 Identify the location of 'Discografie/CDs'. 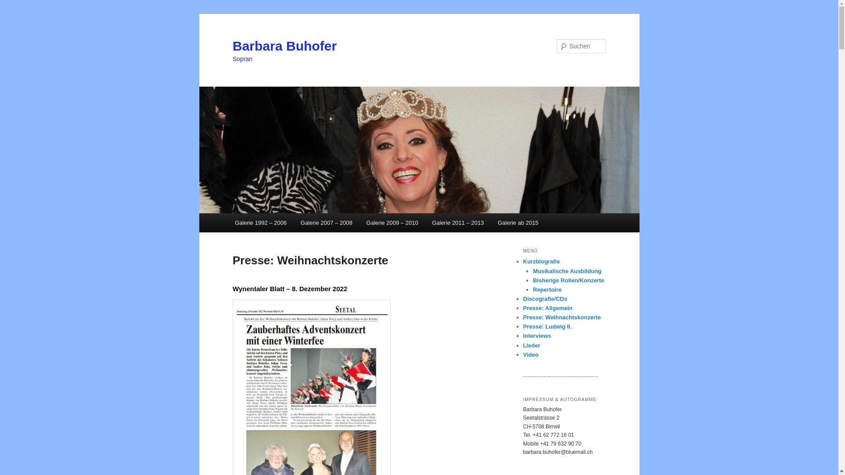
(544, 298).